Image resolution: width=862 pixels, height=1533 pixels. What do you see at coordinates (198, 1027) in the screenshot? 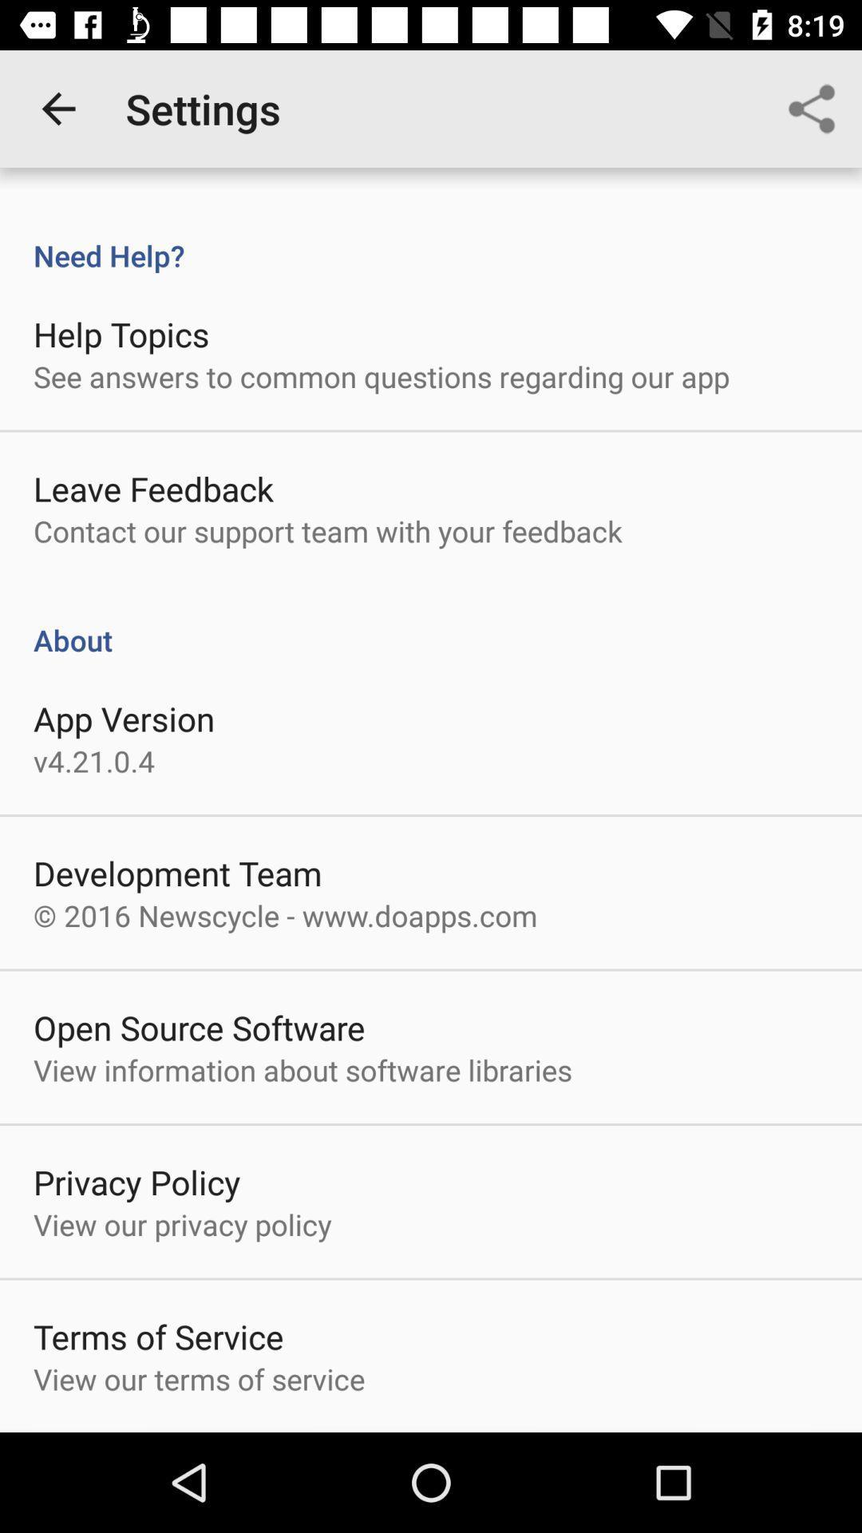
I see `the item below the 2016 newscycle www icon` at bounding box center [198, 1027].